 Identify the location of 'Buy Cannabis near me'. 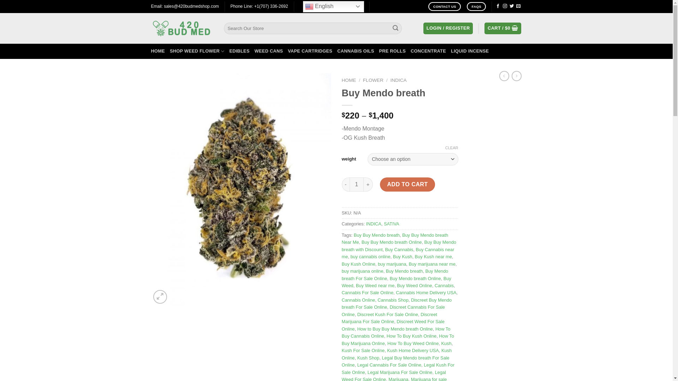
(398, 253).